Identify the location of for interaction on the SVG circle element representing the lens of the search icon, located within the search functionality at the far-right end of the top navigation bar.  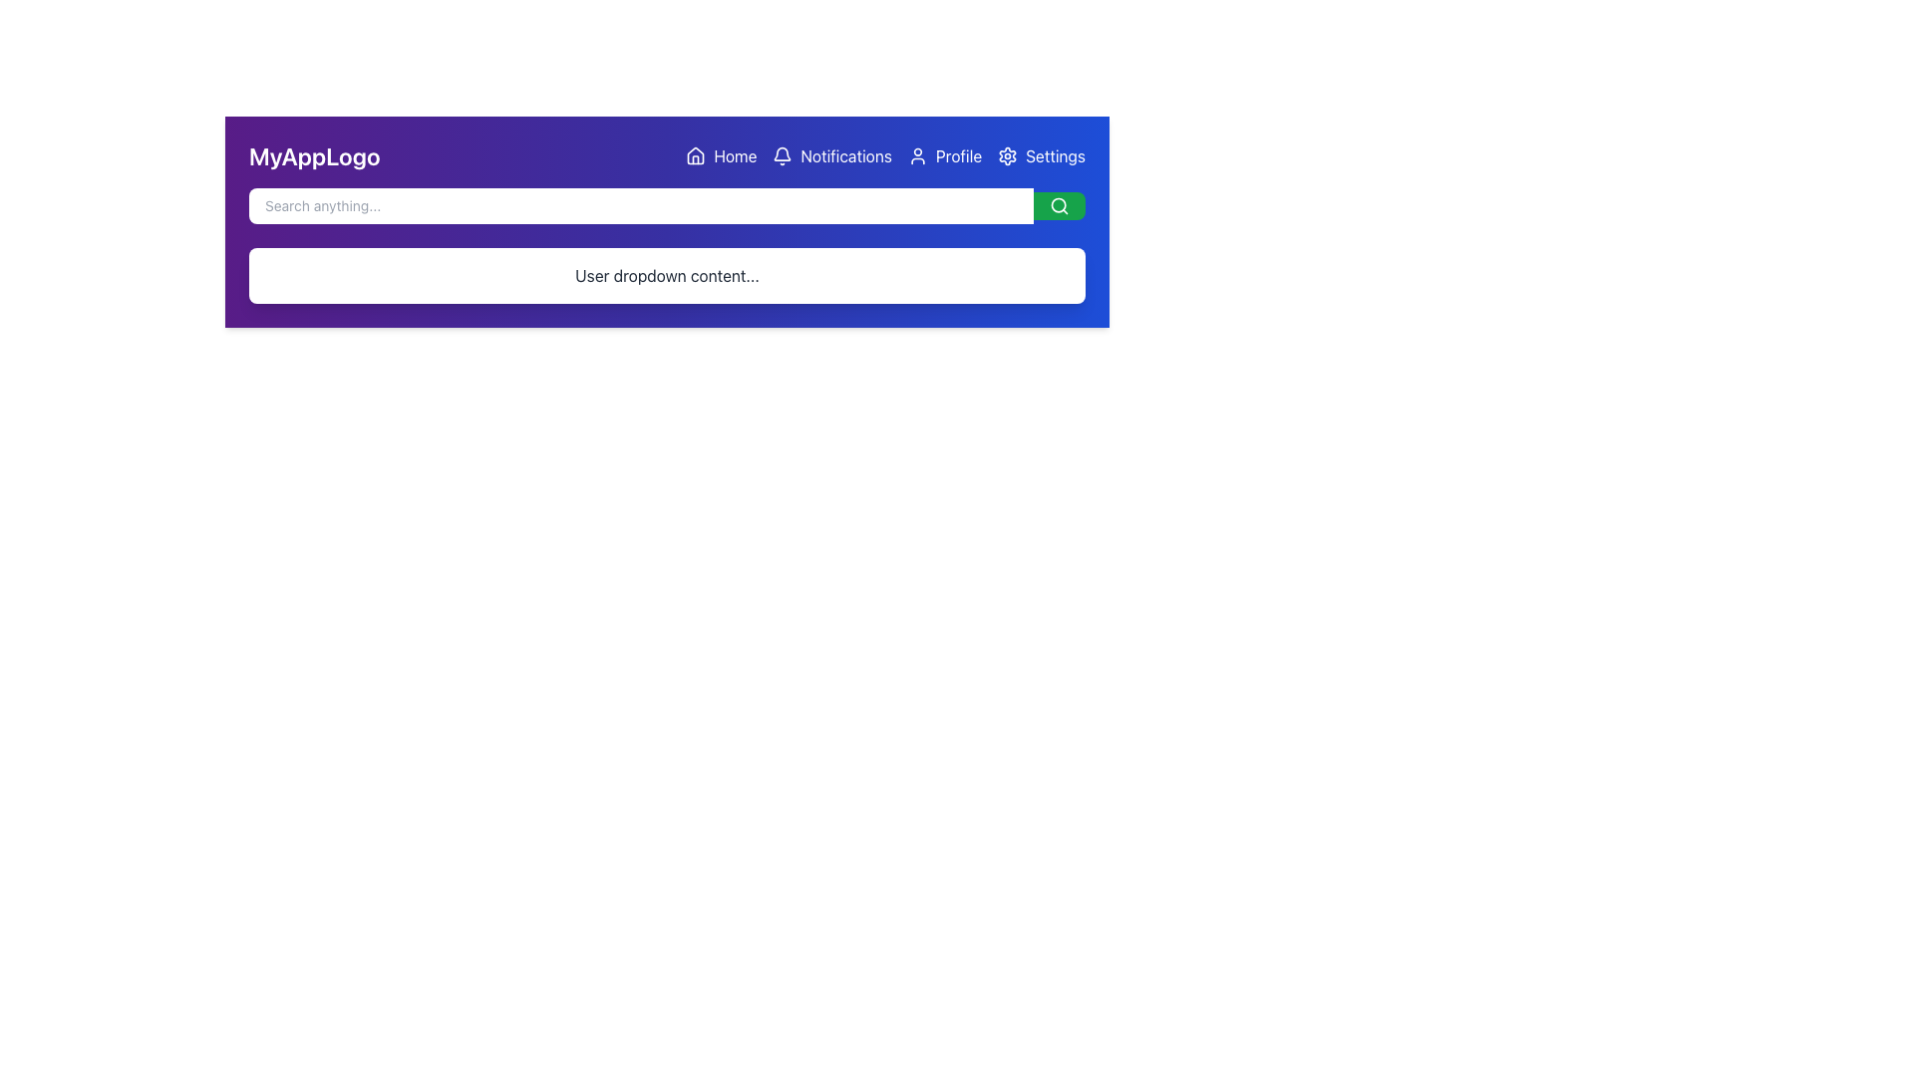
(1058, 205).